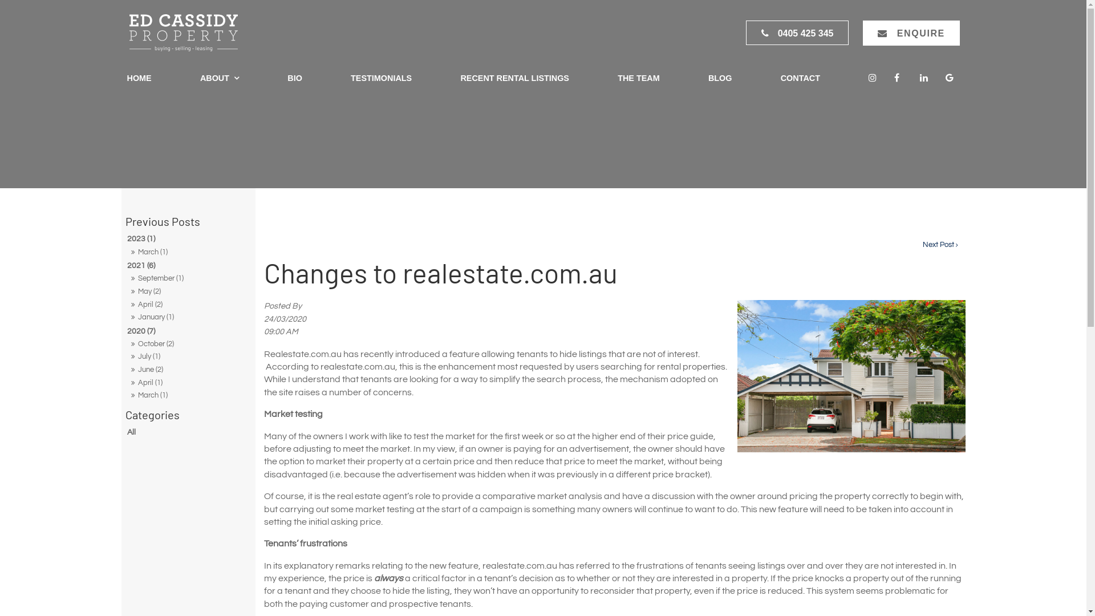 The height and width of the screenshot is (616, 1095). I want to click on 'ENQUIRE', so click(911, 33).